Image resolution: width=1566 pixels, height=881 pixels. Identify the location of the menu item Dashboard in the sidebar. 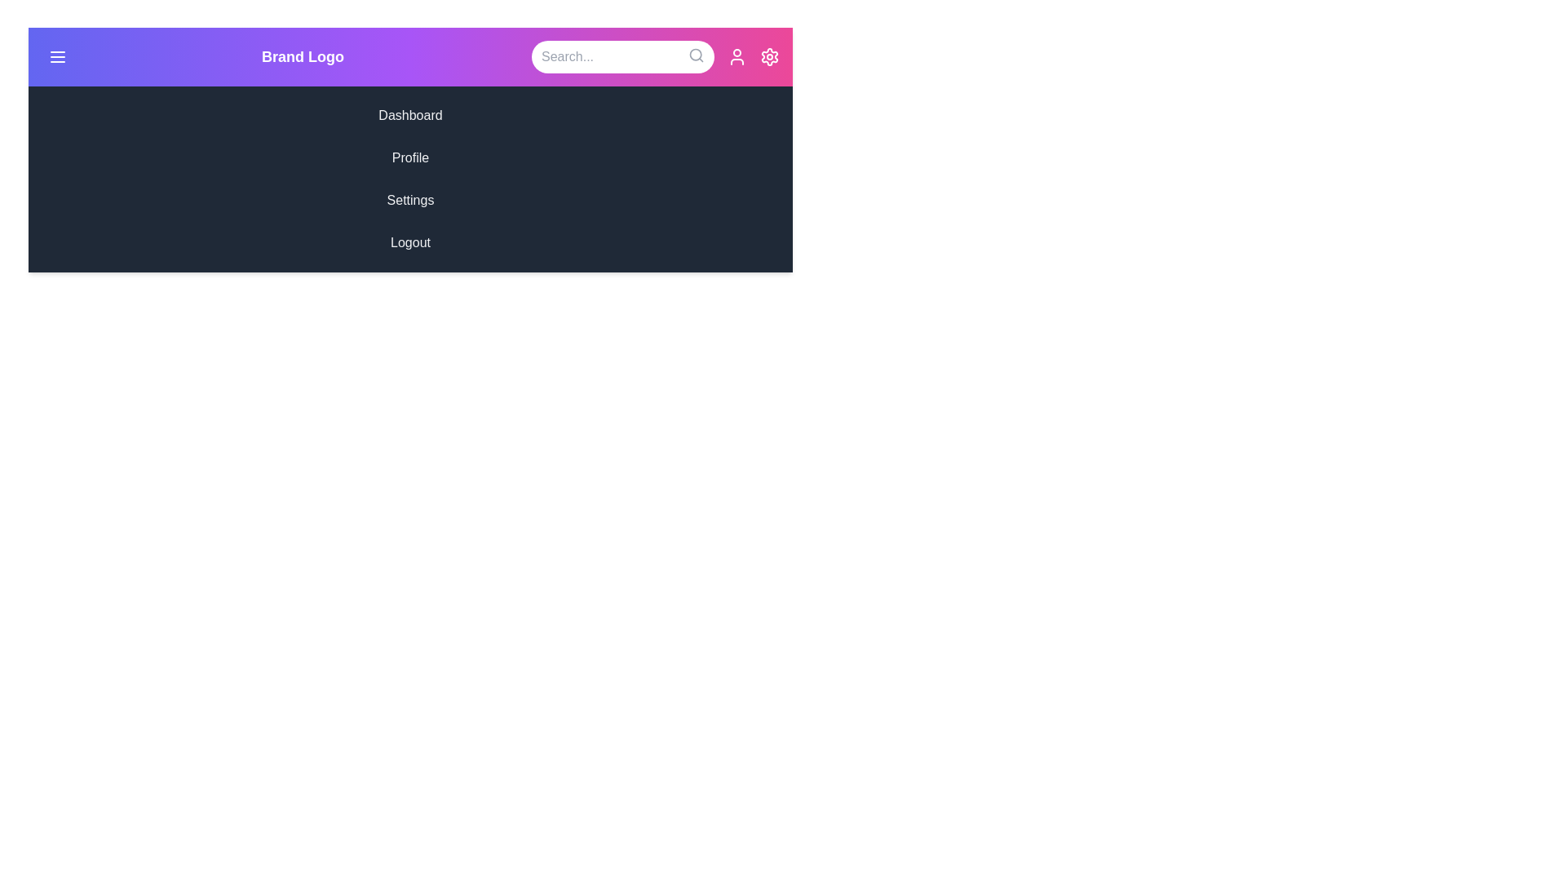
(410, 115).